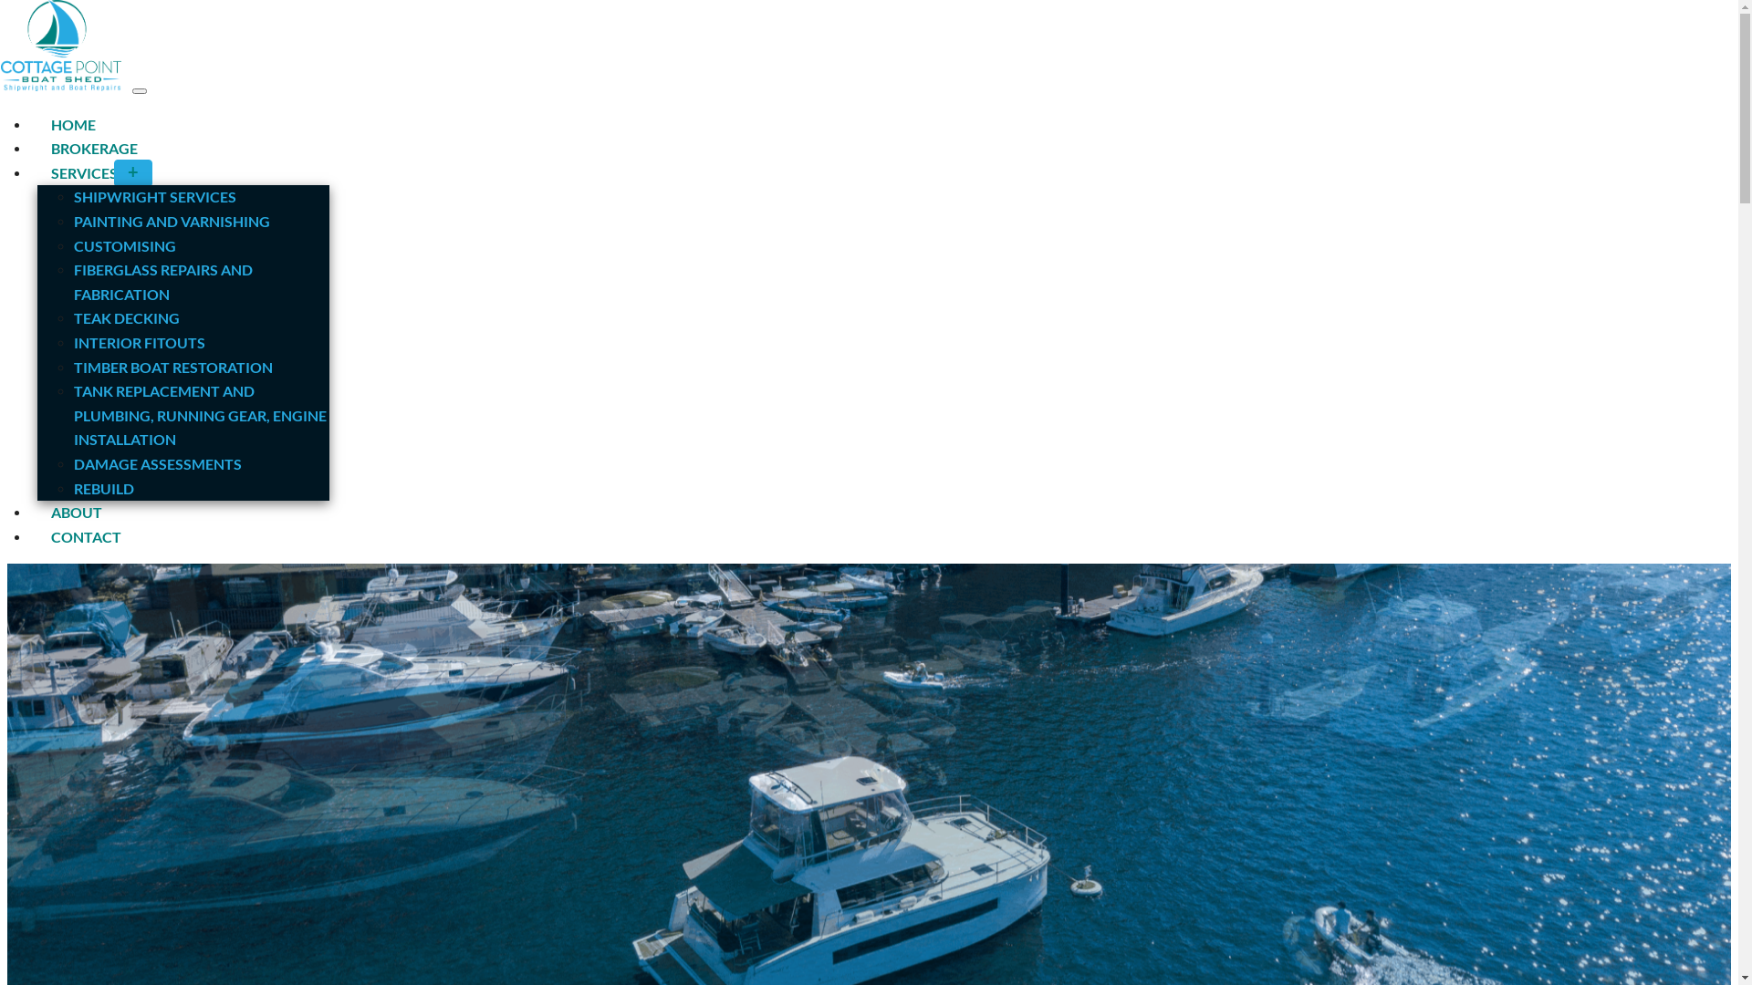 Image resolution: width=1752 pixels, height=985 pixels. Describe the element at coordinates (37, 123) in the screenshot. I see `'HOME'` at that location.